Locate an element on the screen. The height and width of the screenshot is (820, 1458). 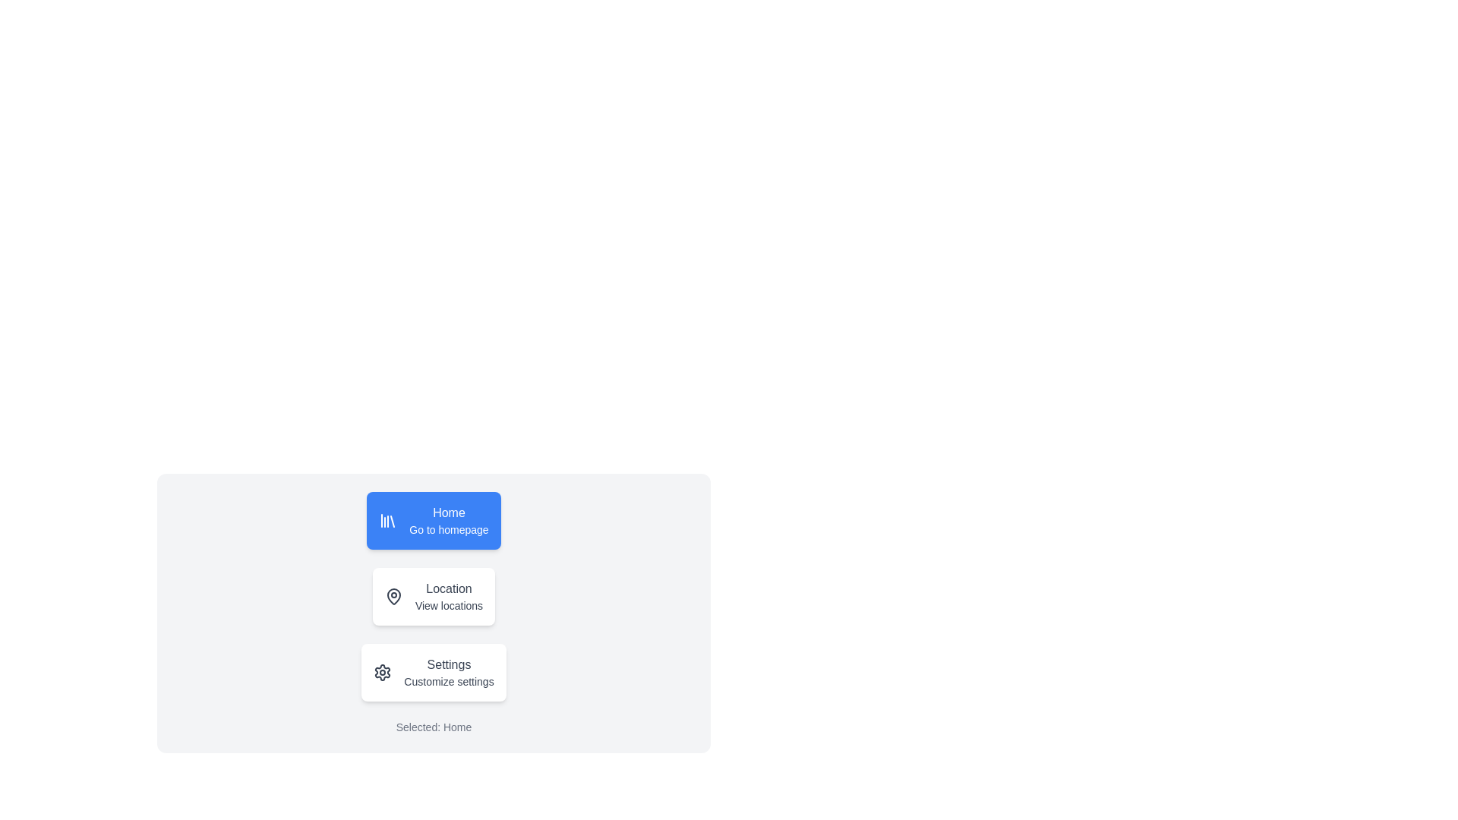
the navigation item Home from the options: Home, Location, or Settings is located at coordinates (433, 520).